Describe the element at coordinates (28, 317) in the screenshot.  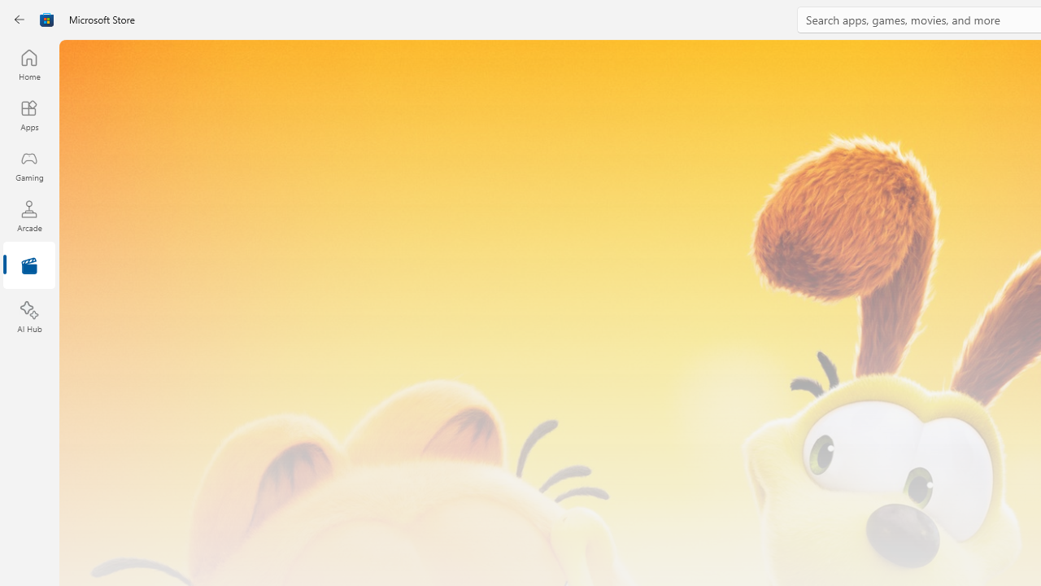
I see `'AI Hub'` at that location.